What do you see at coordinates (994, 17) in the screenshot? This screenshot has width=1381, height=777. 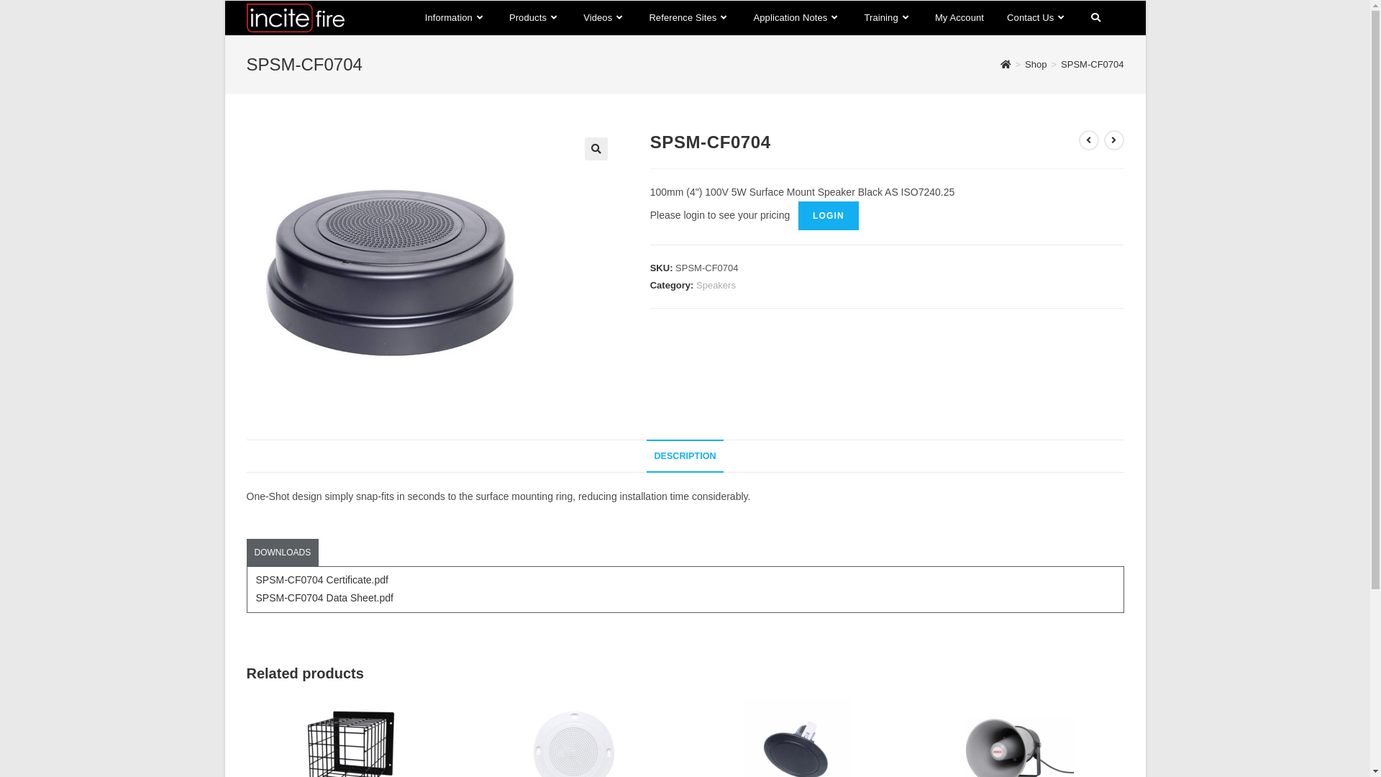 I see `'Contact Us'` at bounding box center [994, 17].